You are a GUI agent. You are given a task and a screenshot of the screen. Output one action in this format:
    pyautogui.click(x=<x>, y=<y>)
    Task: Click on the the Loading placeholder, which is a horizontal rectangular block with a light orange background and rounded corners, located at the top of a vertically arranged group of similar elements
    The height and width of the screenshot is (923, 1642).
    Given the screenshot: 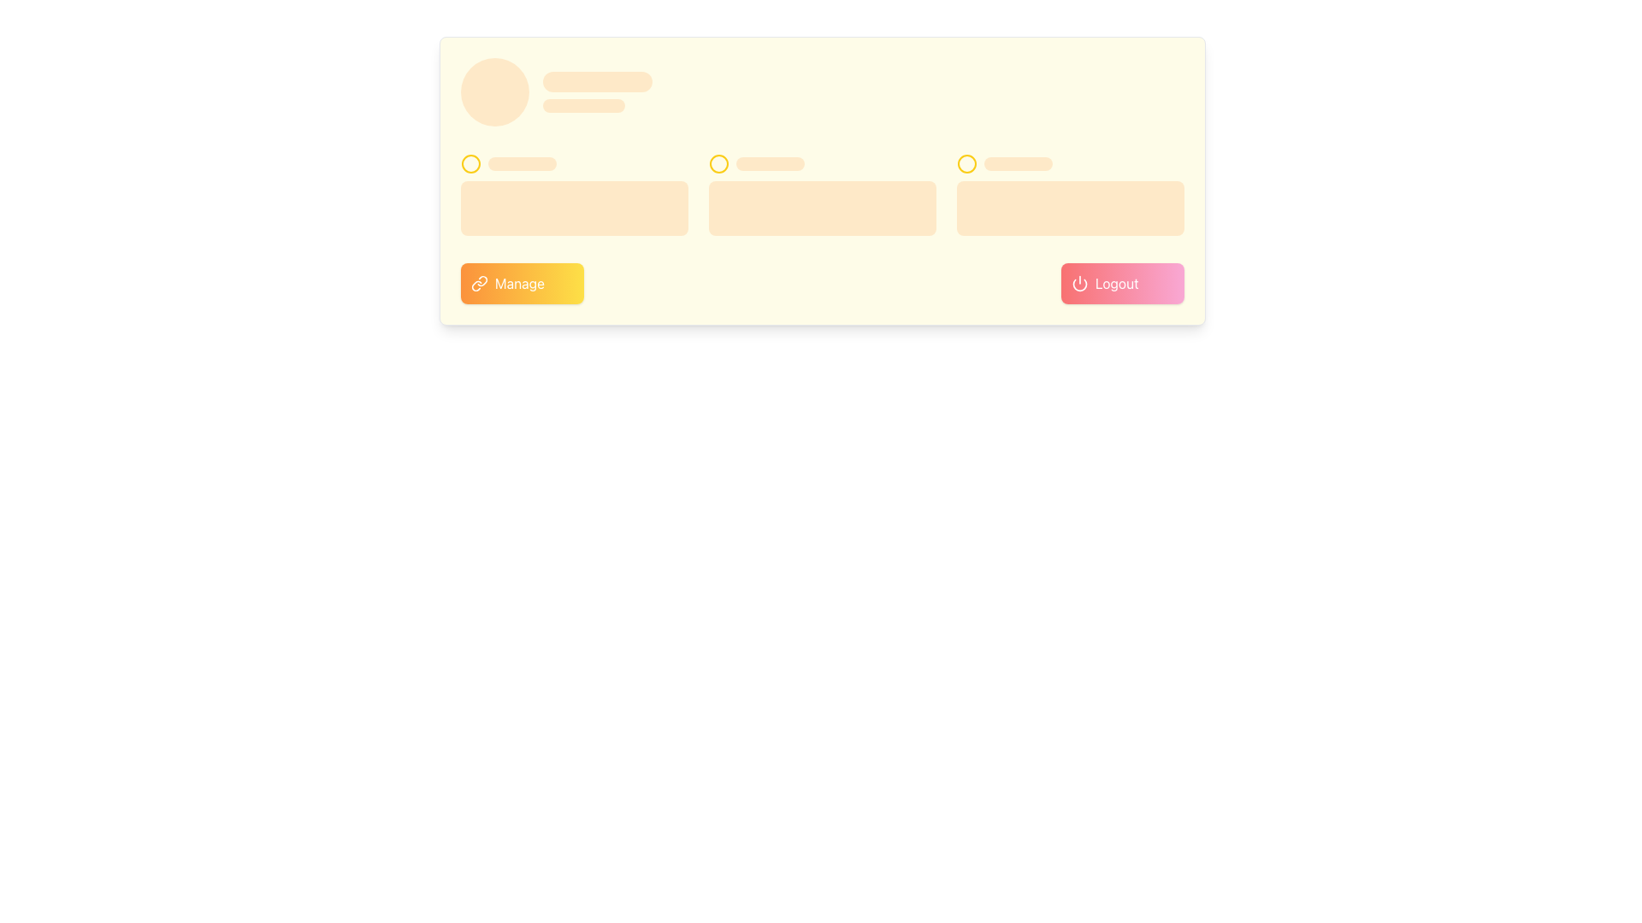 What is the action you would take?
    pyautogui.click(x=598, y=82)
    